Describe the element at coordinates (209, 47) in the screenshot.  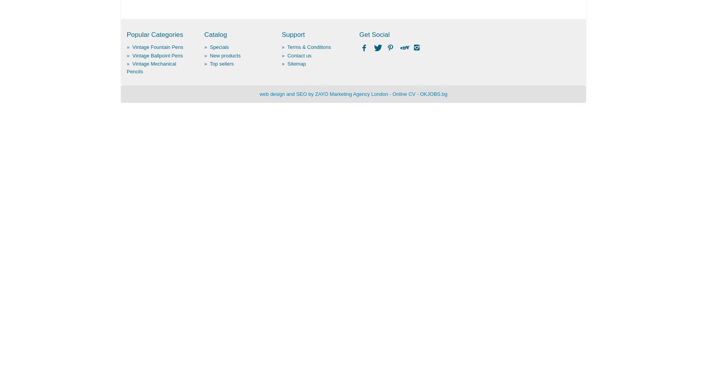
I see `'Specials'` at that location.